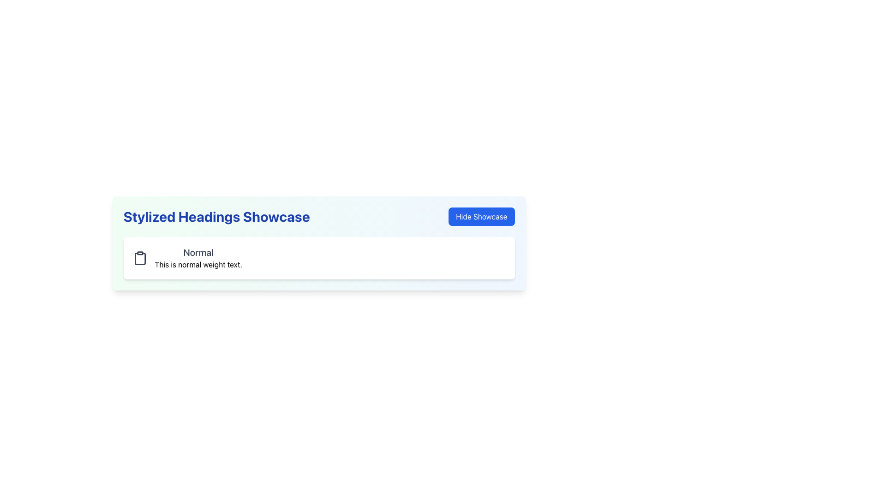 This screenshot has width=886, height=498. What do you see at coordinates (198, 258) in the screenshot?
I see `the text displayed in the rounded rectangular card under the header 'Stylized Headings Showcase', which is centrally positioned in the application view` at bounding box center [198, 258].